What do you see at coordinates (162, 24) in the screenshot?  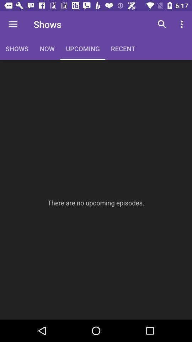 I see `the icon above there are no` at bounding box center [162, 24].